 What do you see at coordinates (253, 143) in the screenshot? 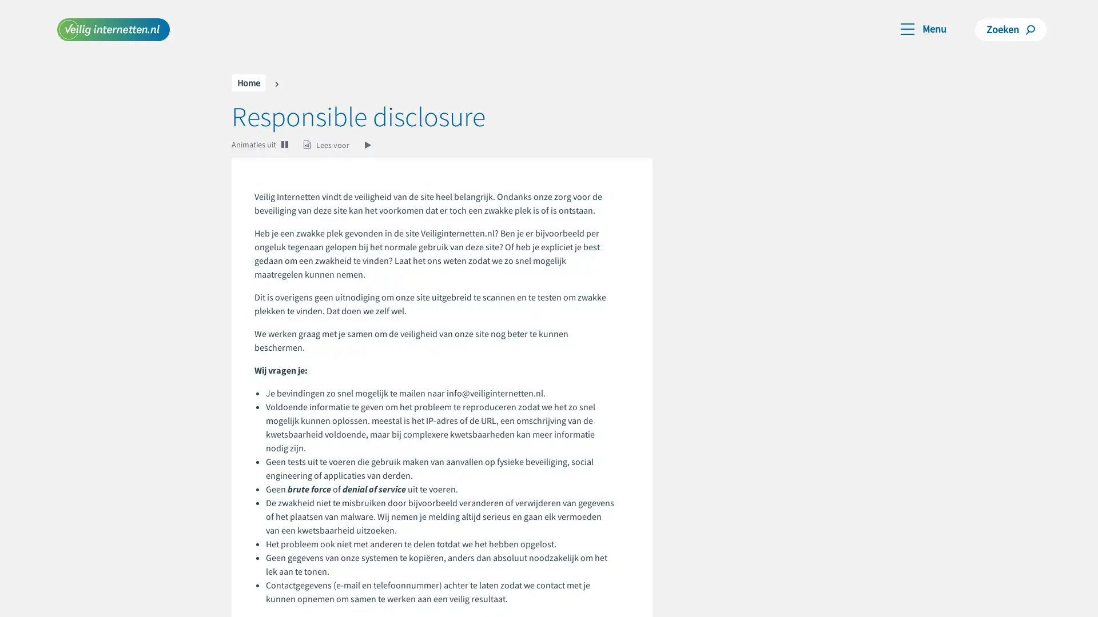
I see `Animaties uit` at bounding box center [253, 143].